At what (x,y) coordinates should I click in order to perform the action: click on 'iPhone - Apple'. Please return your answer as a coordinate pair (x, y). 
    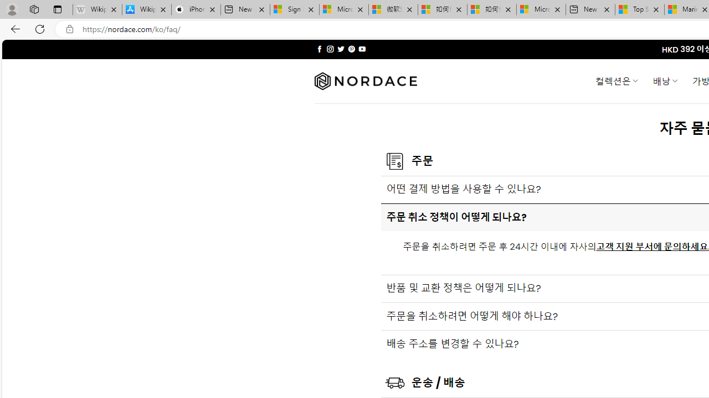
    Looking at the image, I should click on (196, 9).